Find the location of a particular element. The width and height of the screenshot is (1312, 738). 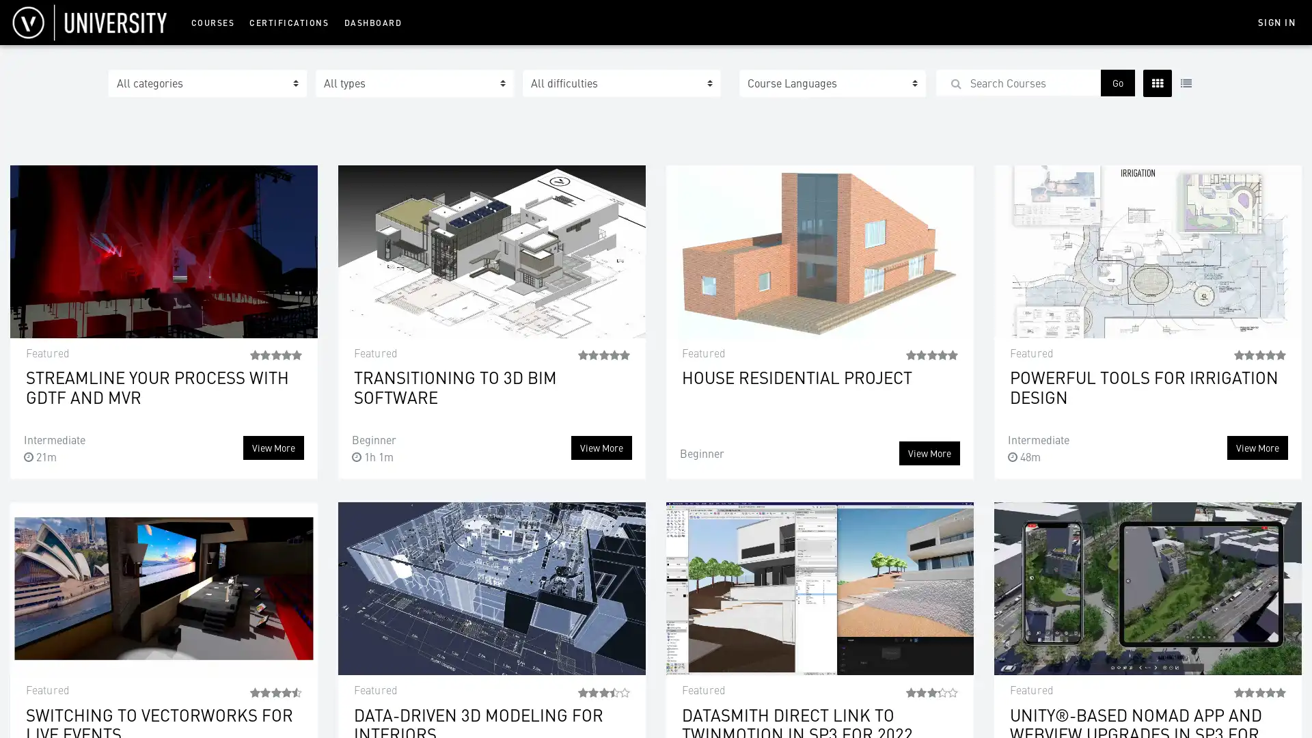

View More is located at coordinates (929, 453).